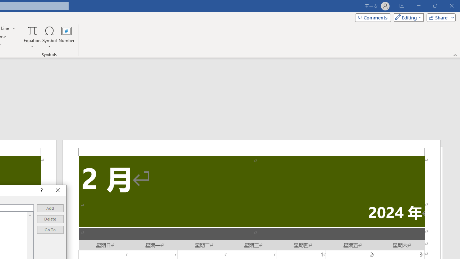 The image size is (460, 259). What do you see at coordinates (252, 147) in the screenshot?
I see `'Header -Section 2-'` at bounding box center [252, 147].